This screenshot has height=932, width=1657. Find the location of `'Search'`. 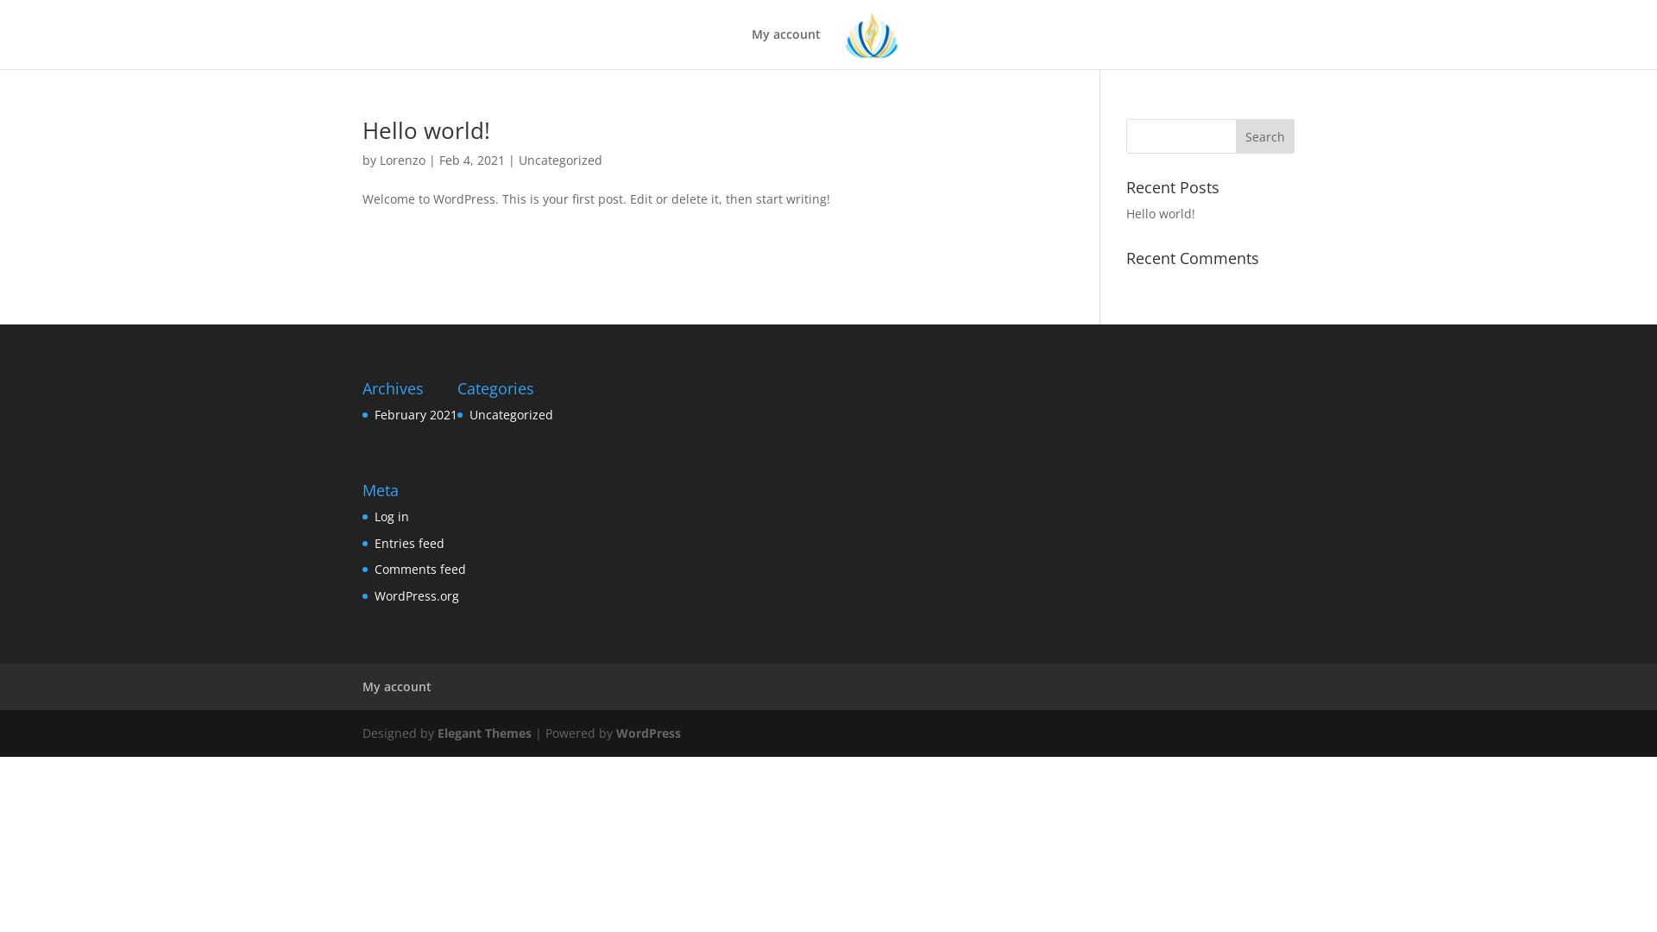

'Search' is located at coordinates (1264, 135).